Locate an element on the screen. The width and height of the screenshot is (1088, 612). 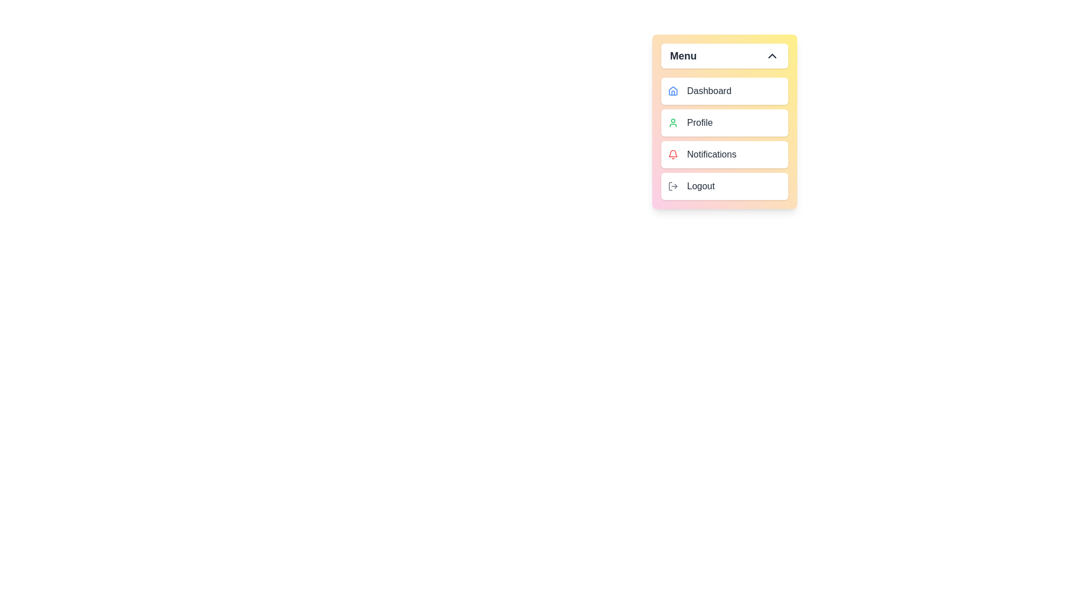
the menu item labeled Dashboard is located at coordinates (724, 91).